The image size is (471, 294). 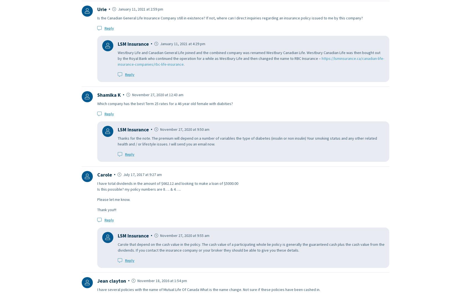 What do you see at coordinates (102, 9) in the screenshot?
I see `'Urie'` at bounding box center [102, 9].